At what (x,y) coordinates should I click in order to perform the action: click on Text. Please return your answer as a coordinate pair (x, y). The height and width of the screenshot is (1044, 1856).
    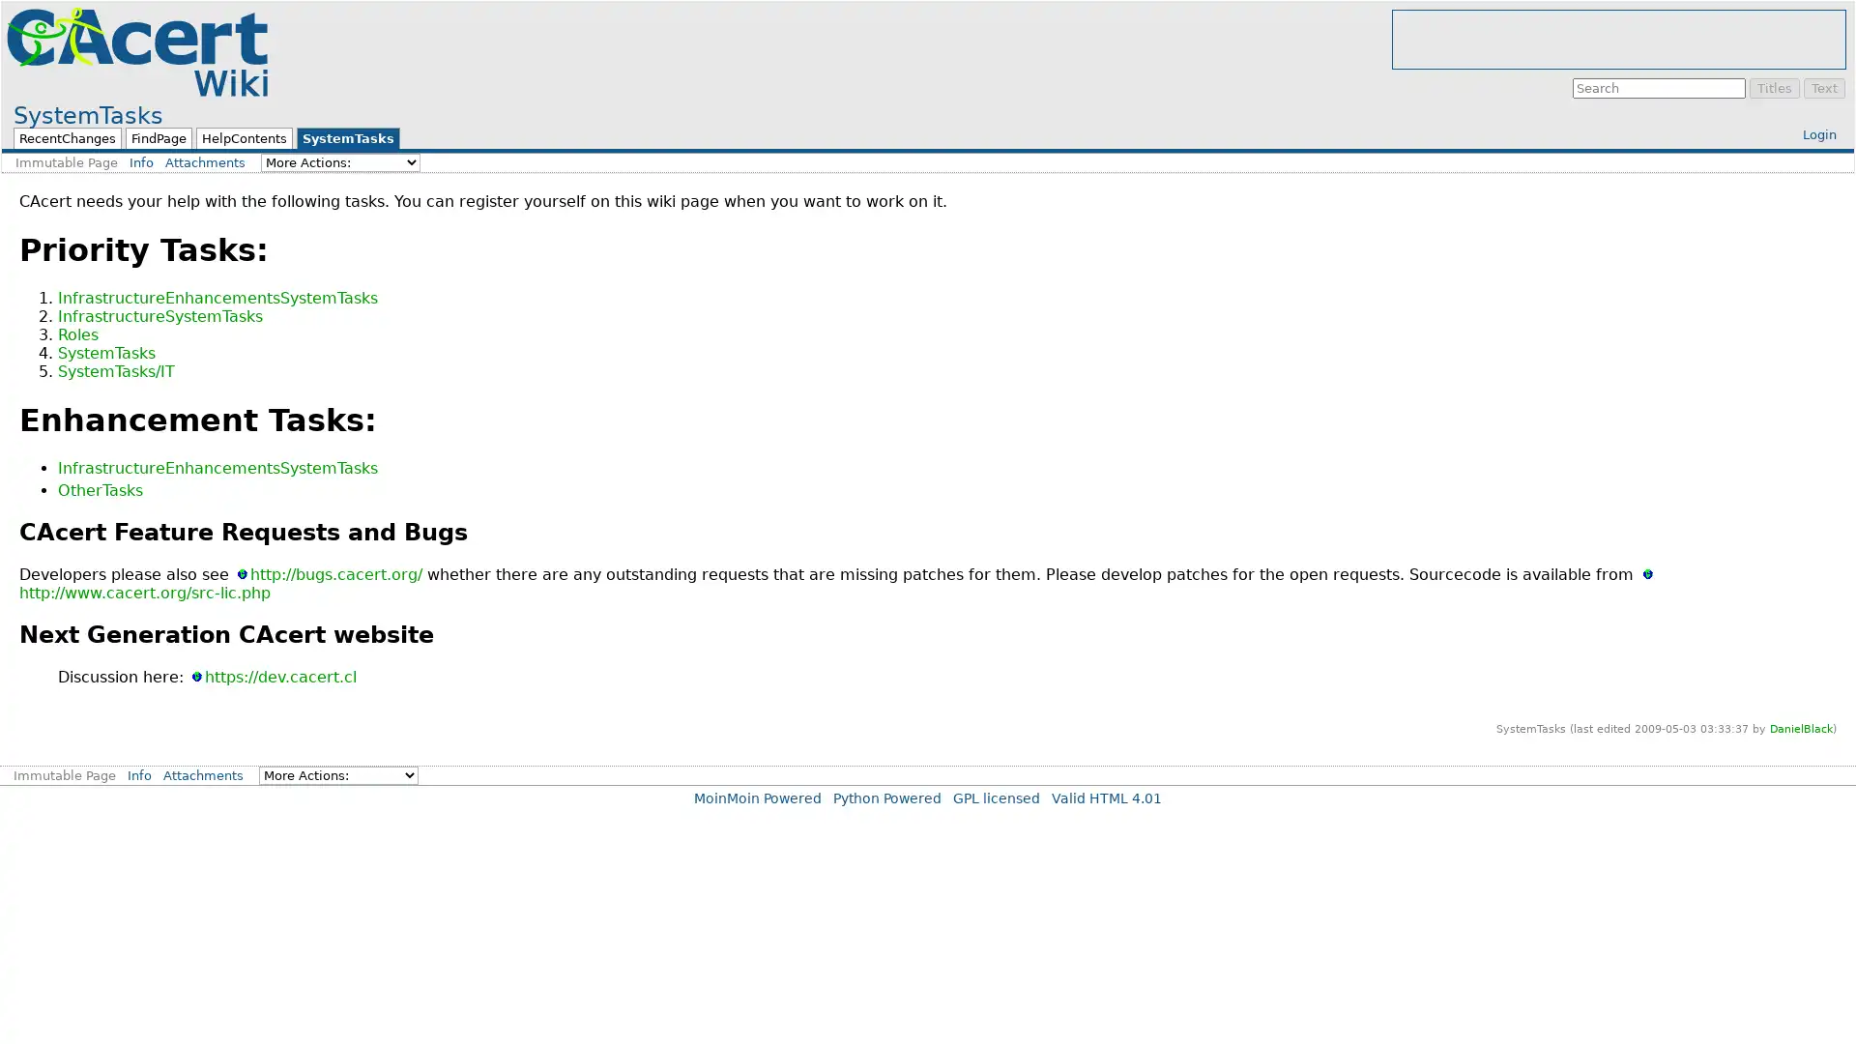
    Looking at the image, I should click on (1823, 88).